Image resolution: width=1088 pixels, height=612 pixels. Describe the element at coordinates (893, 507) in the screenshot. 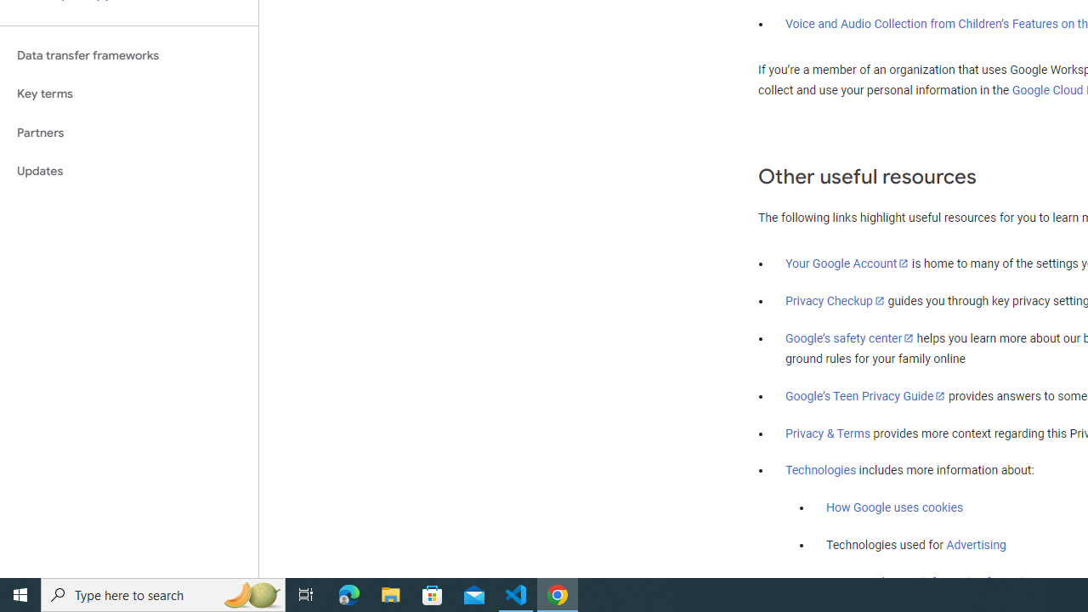

I see `'How Google uses cookies'` at that location.